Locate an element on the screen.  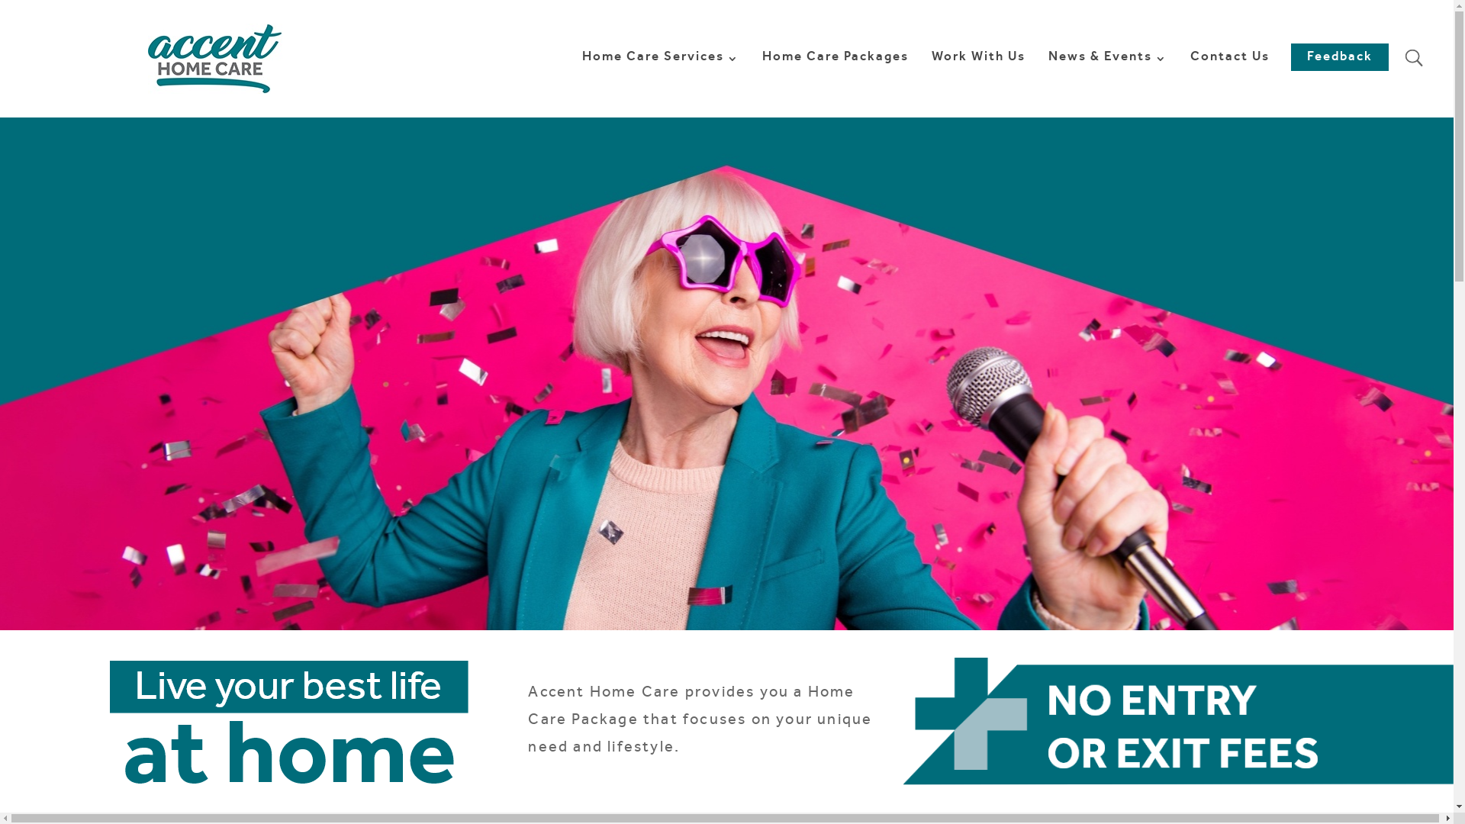
'Contact Us' is located at coordinates (1190, 85).